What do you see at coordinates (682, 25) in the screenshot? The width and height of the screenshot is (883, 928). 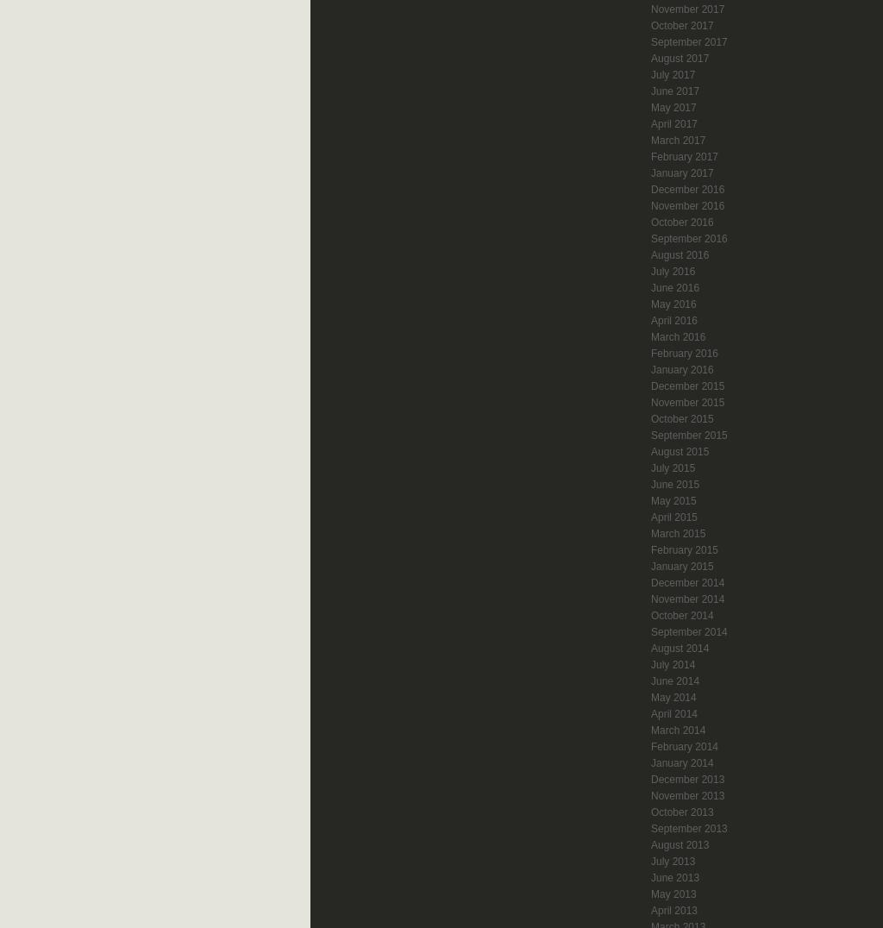 I see `'October 2017'` at bounding box center [682, 25].